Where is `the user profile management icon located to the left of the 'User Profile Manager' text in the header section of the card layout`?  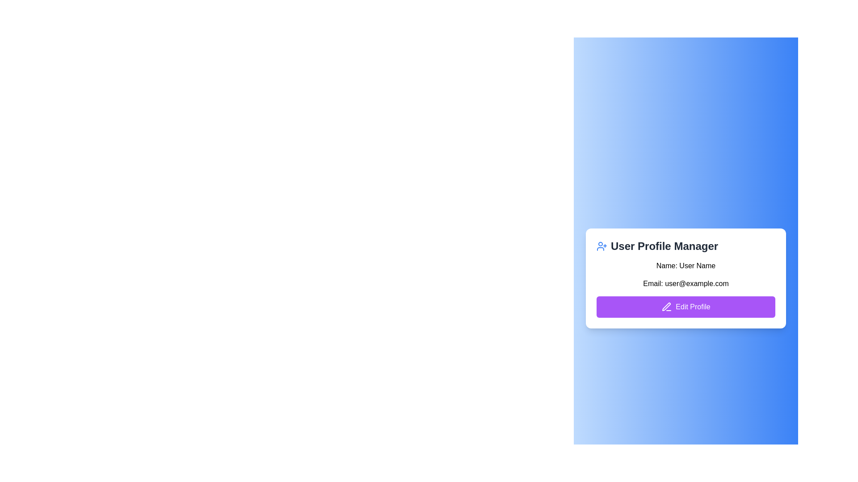 the user profile management icon located to the left of the 'User Profile Manager' text in the header section of the card layout is located at coordinates (602, 246).